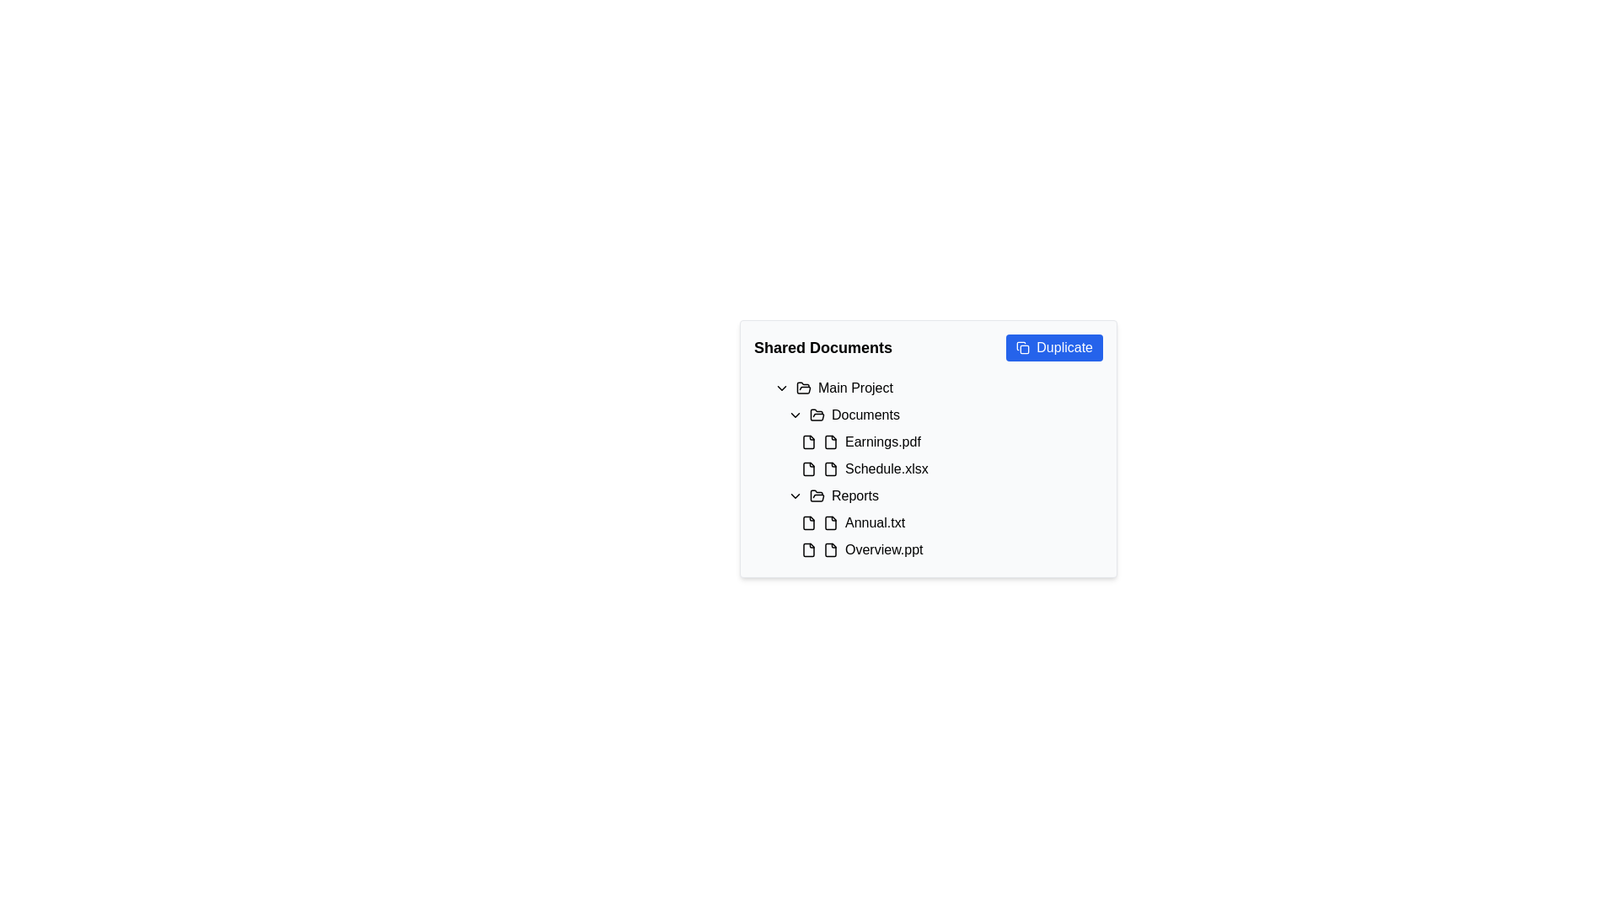  I want to click on the document icon, which resembles a file with rounded corners and a fold at the top-right, located to the left of the 'Earnings.pdf' label in the 'Shared Documents' section, so click(830, 441).